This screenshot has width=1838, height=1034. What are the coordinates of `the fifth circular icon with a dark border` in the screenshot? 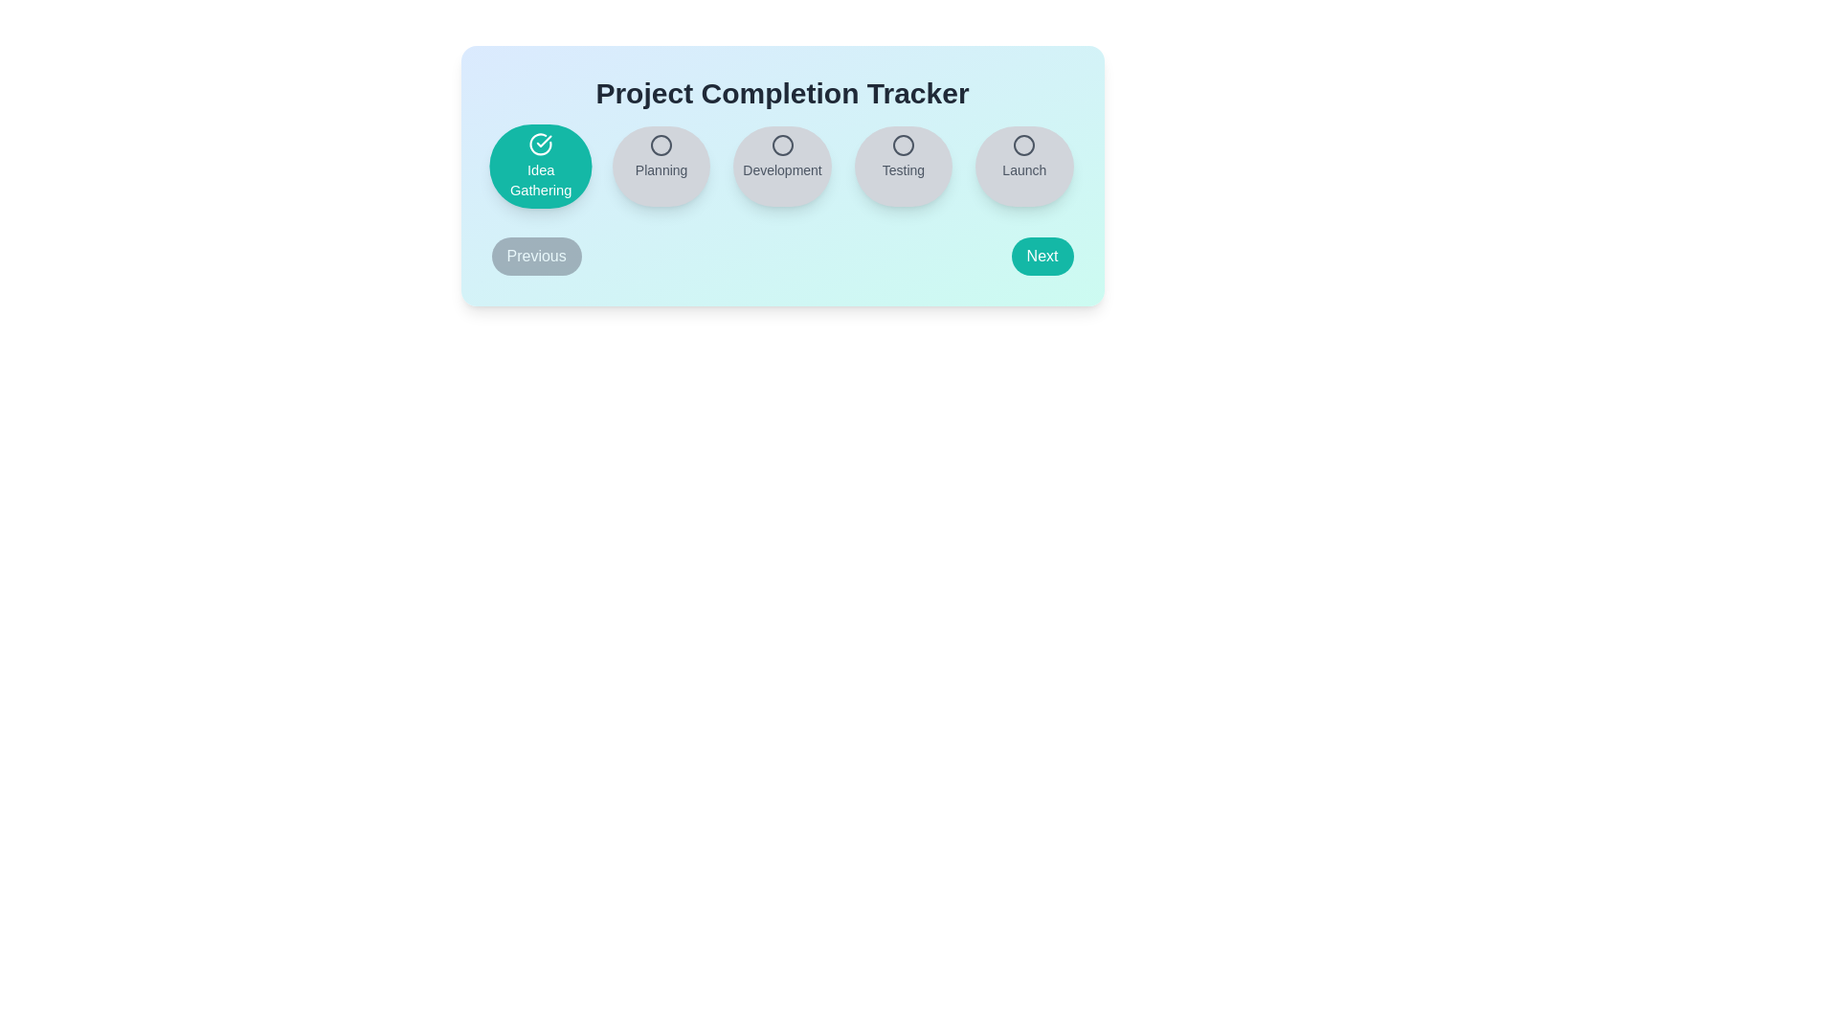 It's located at (1023, 144).